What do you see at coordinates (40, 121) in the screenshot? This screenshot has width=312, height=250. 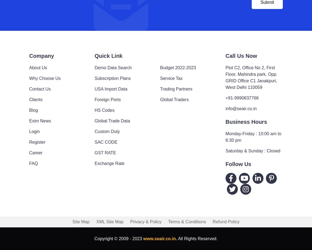 I see `'Exim News'` at bounding box center [40, 121].